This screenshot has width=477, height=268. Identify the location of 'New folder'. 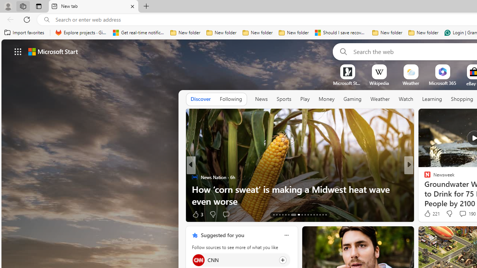
(423, 32).